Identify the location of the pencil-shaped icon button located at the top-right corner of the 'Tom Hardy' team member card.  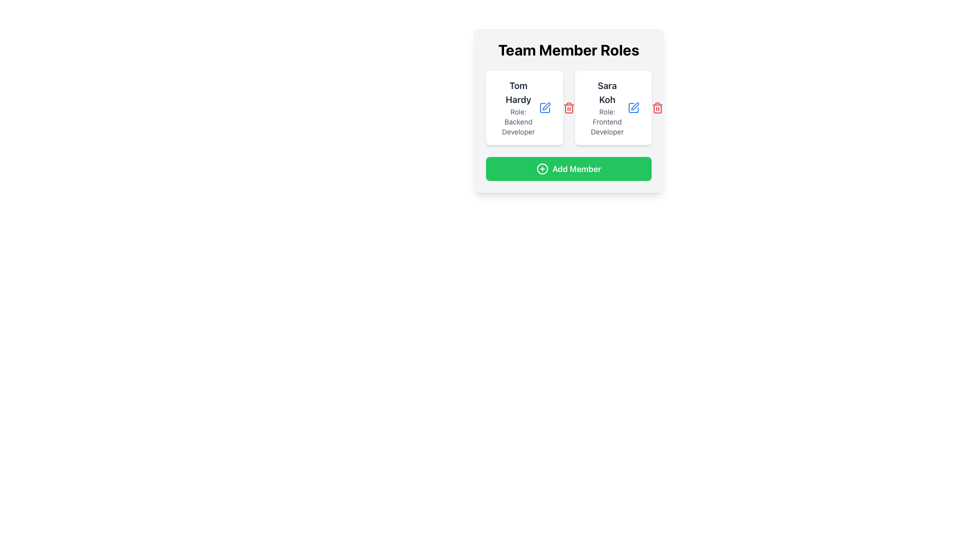
(545, 106).